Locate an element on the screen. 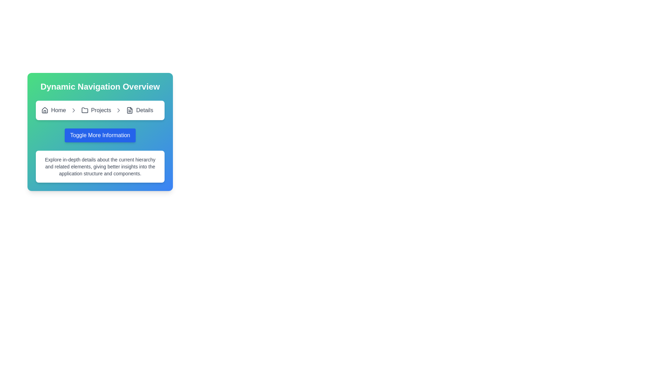  the Chevron icon that visually separates the 'Projects' and 'Details' labels in the breadcrumb navigation component is located at coordinates (73, 110).